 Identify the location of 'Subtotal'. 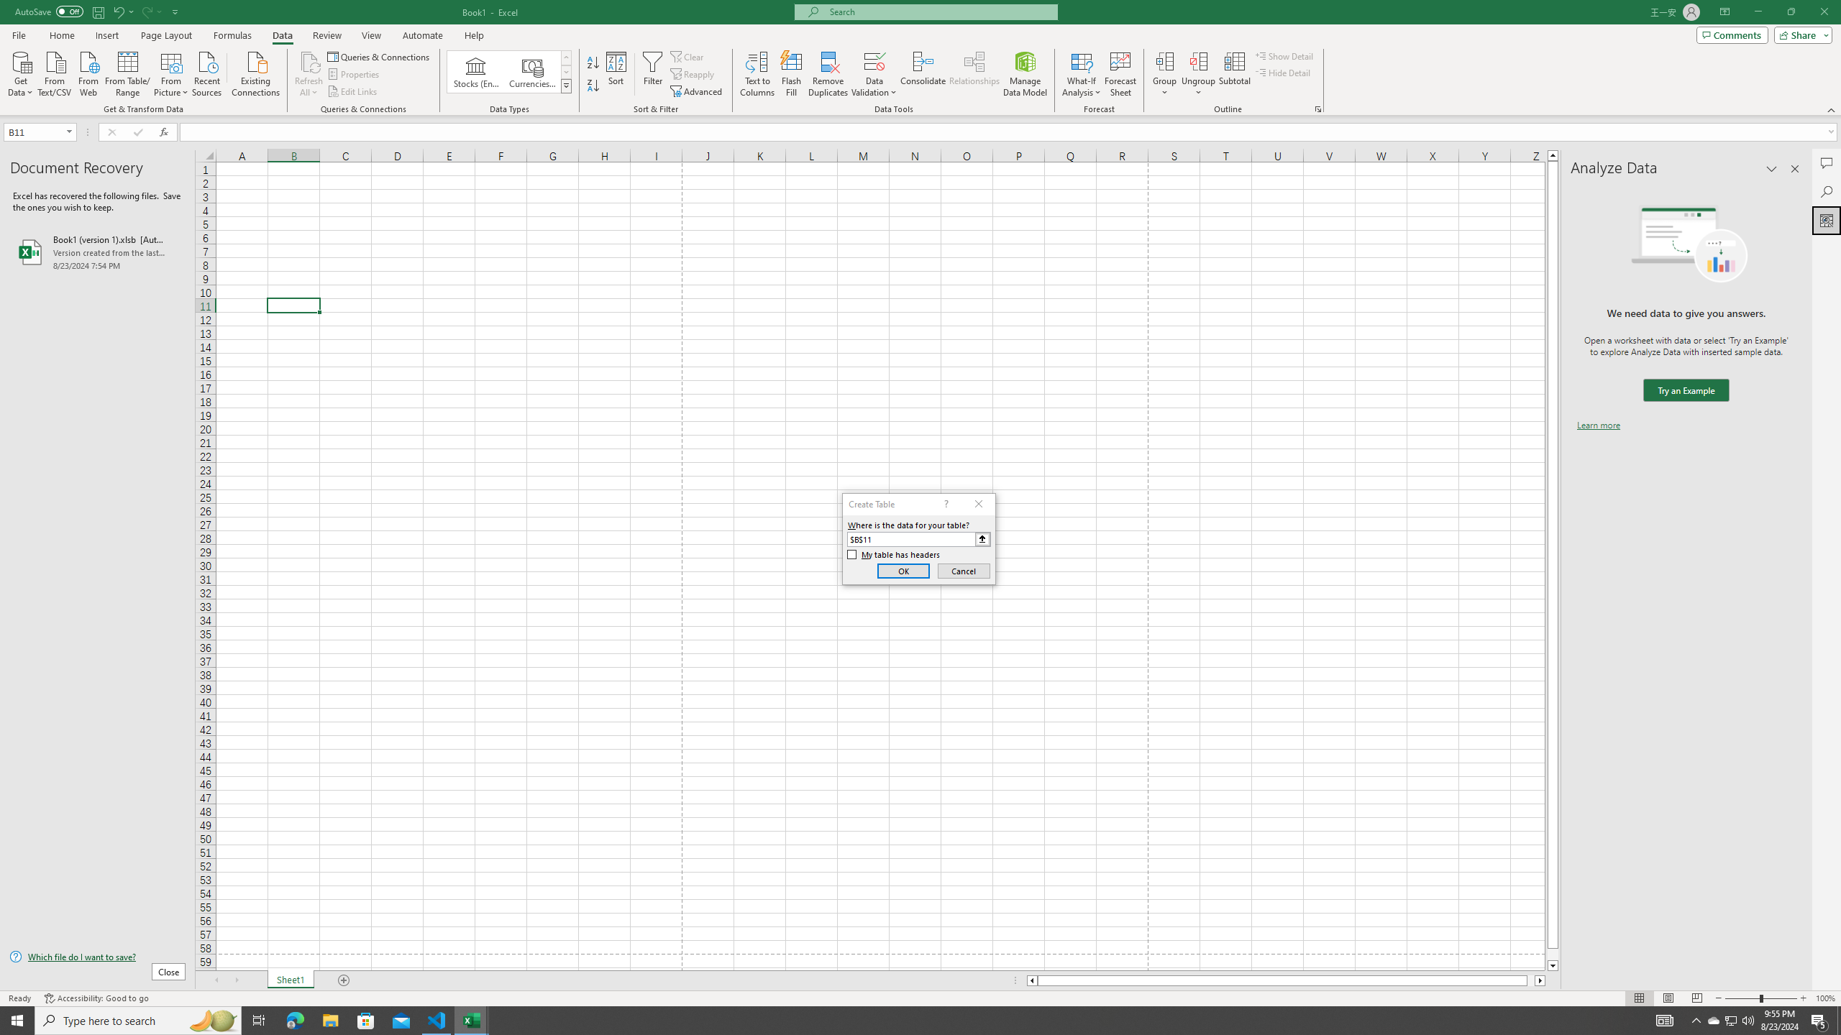
(1234, 74).